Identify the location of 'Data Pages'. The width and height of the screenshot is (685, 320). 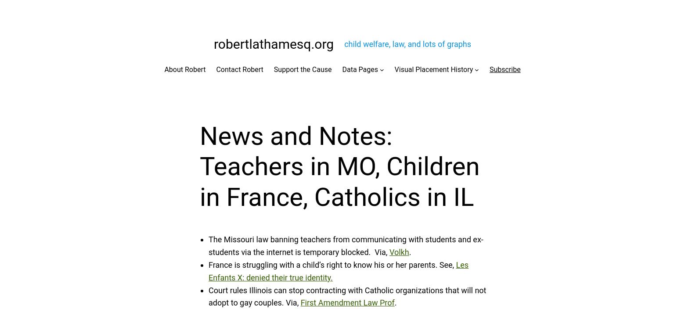
(342, 69).